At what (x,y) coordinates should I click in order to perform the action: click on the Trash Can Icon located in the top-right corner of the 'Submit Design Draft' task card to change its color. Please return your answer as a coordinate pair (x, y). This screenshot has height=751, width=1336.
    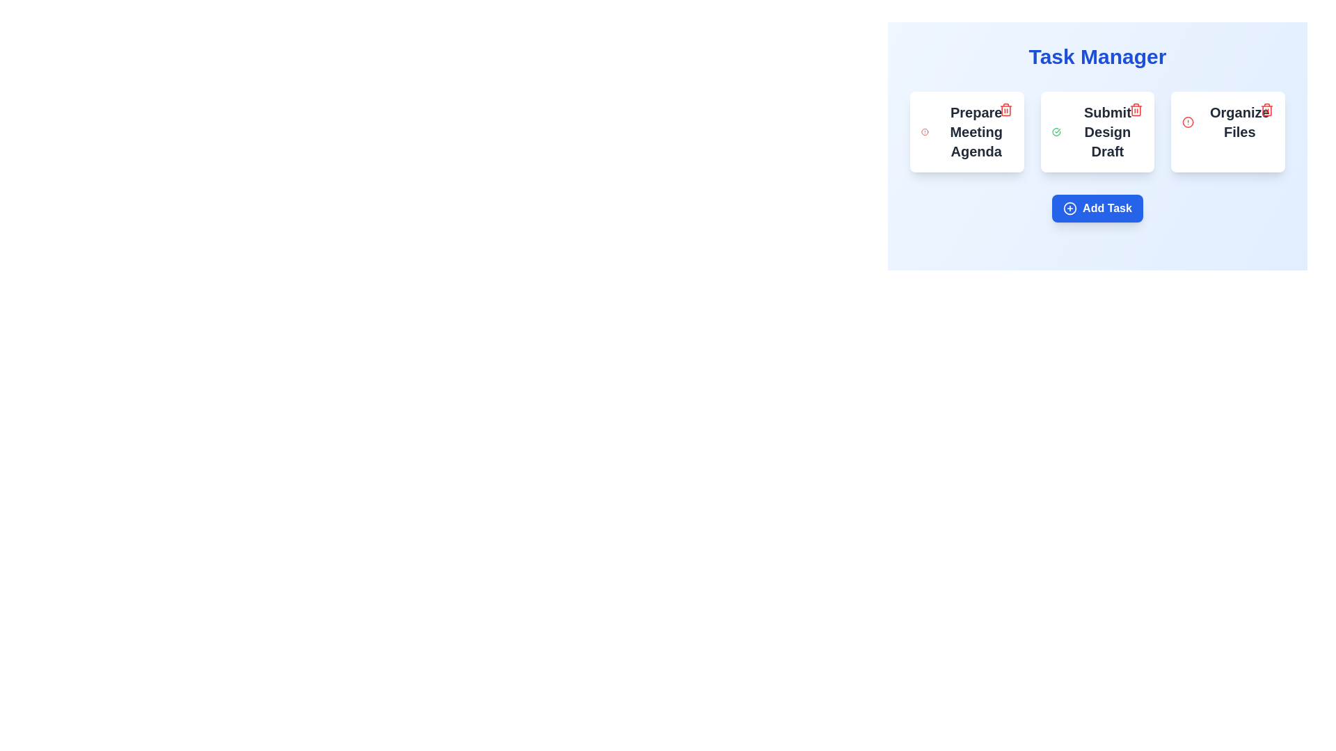
    Looking at the image, I should click on (1136, 109).